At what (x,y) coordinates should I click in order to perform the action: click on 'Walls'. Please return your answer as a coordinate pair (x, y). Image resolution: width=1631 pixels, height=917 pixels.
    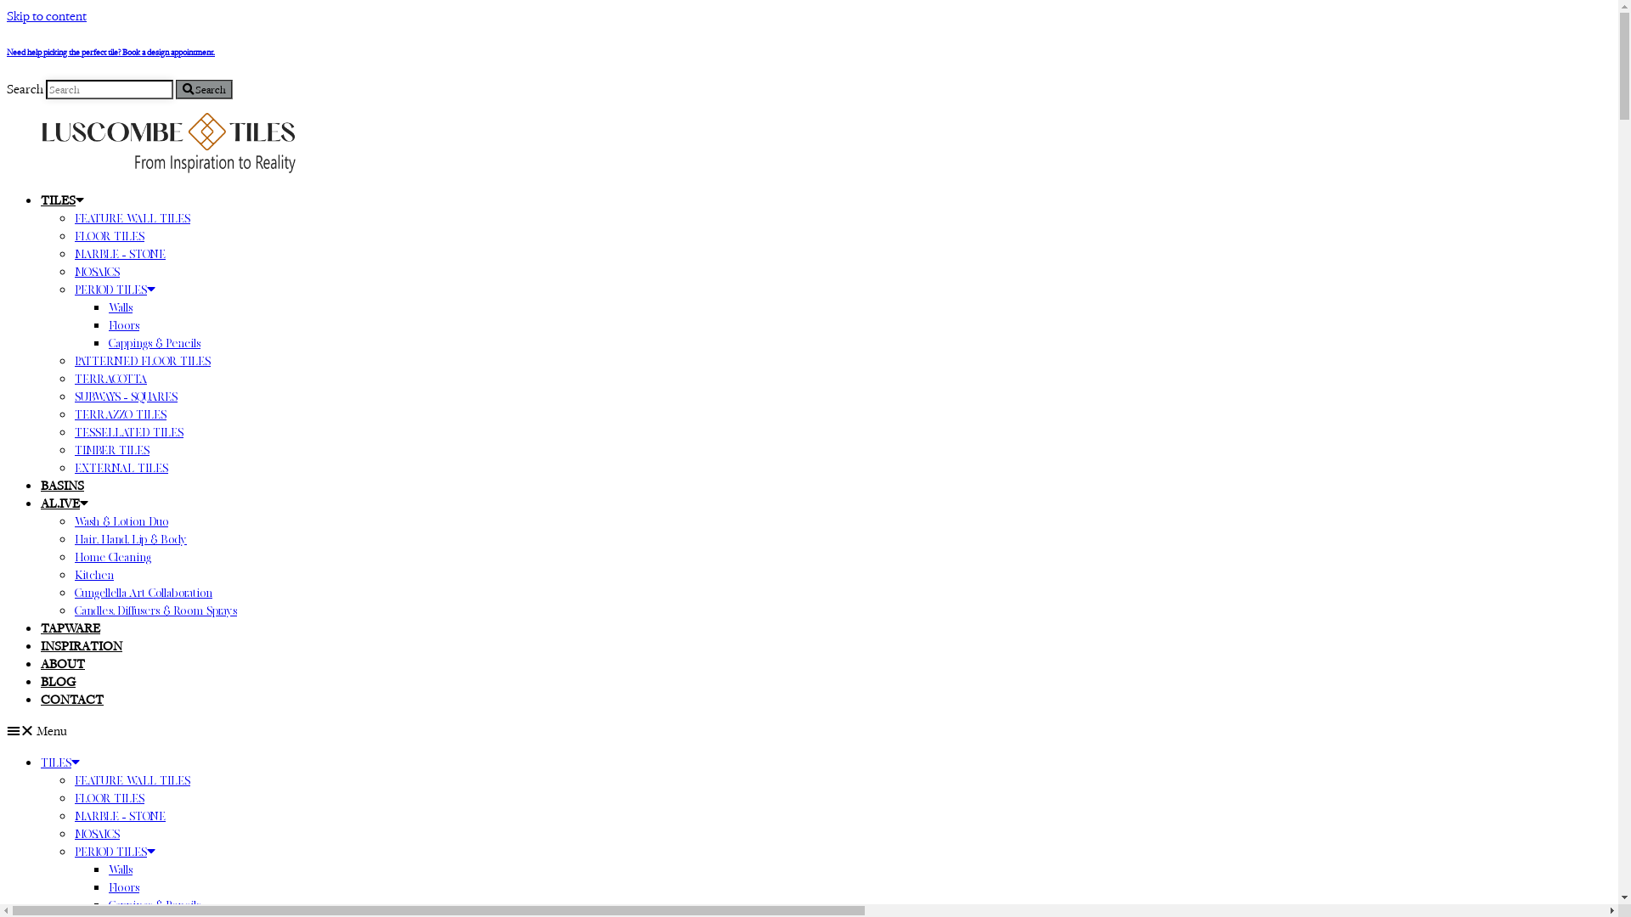
    Looking at the image, I should click on (108, 869).